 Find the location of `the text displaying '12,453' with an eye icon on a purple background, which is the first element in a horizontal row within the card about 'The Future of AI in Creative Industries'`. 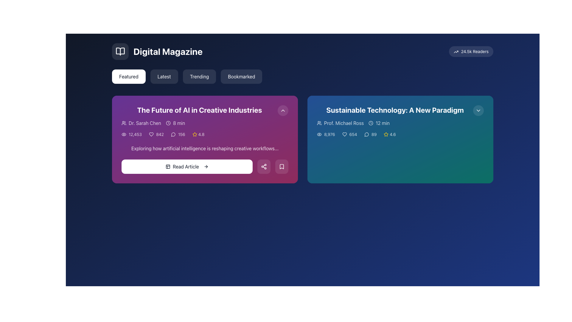

the text displaying '12,453' with an eye icon on a purple background, which is the first element in a horizontal row within the card about 'The Future of AI in Creative Industries' is located at coordinates (131, 134).